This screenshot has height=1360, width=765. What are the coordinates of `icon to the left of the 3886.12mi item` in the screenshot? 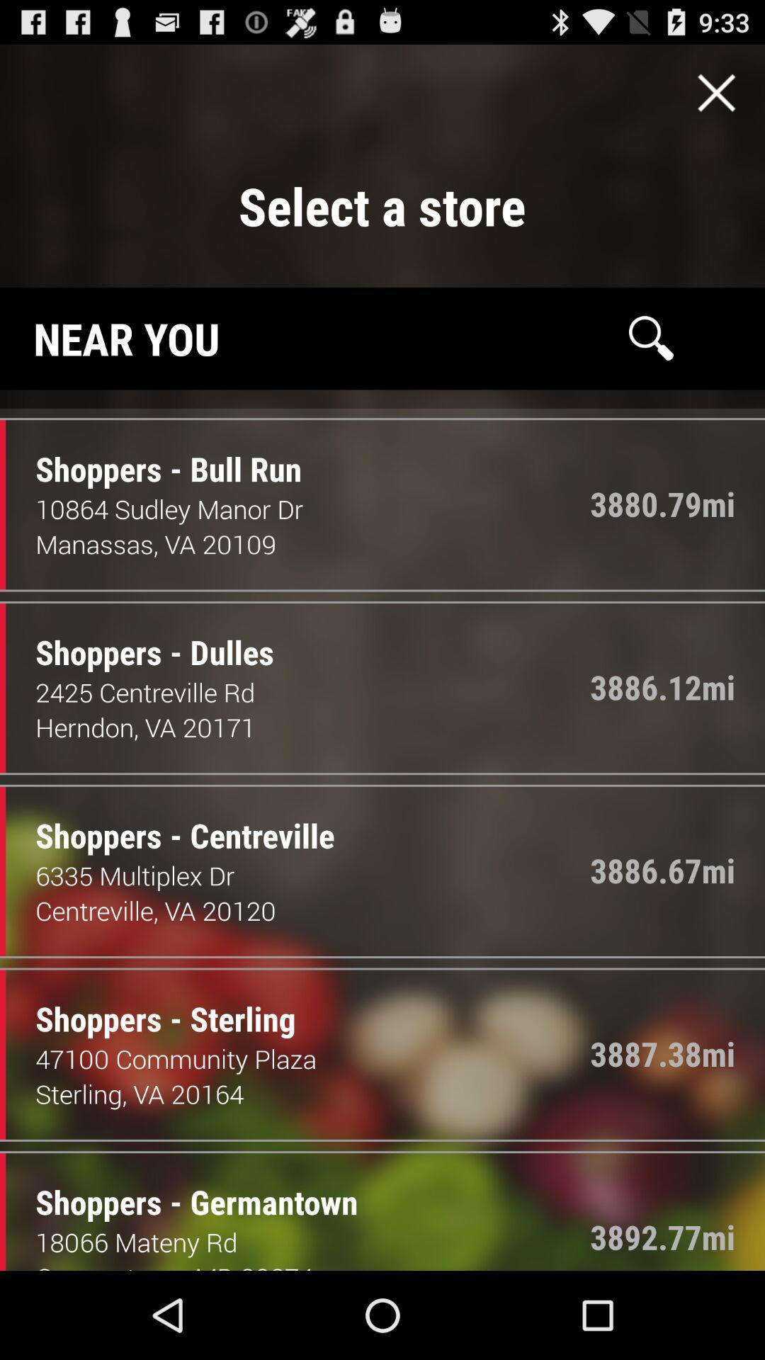 It's located at (144, 637).